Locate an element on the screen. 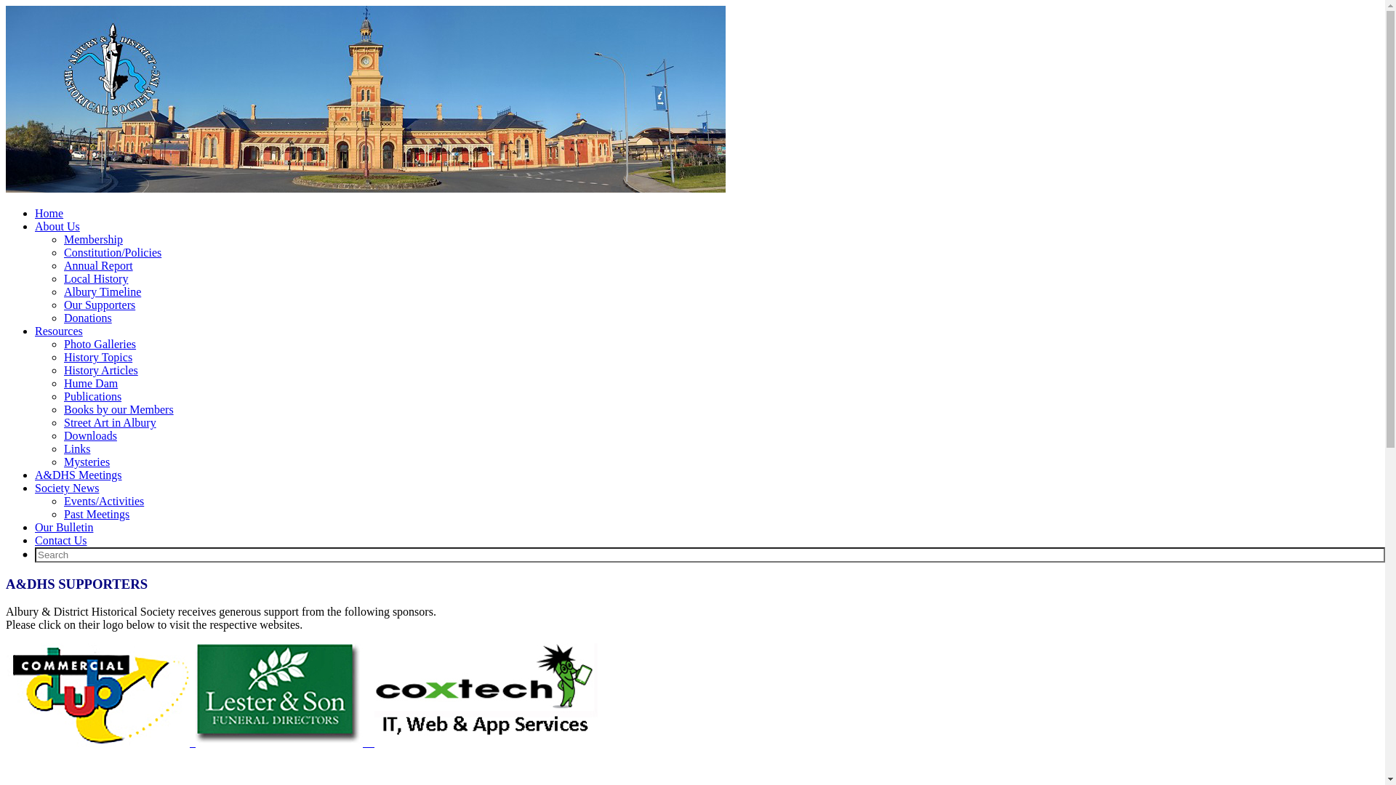  'About Us' is located at coordinates (35, 226).